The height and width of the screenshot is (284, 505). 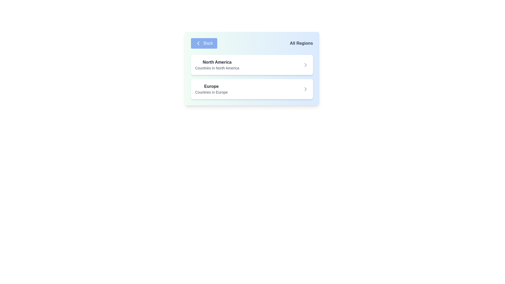 I want to click on the Chevron icon on the 'Europe' option, so click(x=305, y=89).